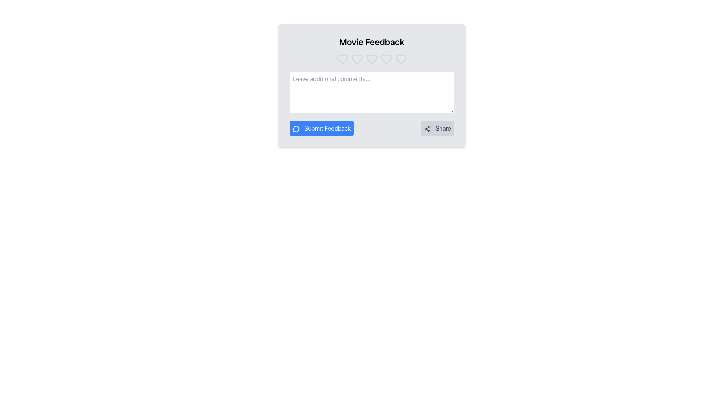 This screenshot has height=396, width=704. Describe the element at coordinates (296, 128) in the screenshot. I see `the Decorative Icon located to the left of the 'Submit Feedback' button in the feedback interface` at that location.